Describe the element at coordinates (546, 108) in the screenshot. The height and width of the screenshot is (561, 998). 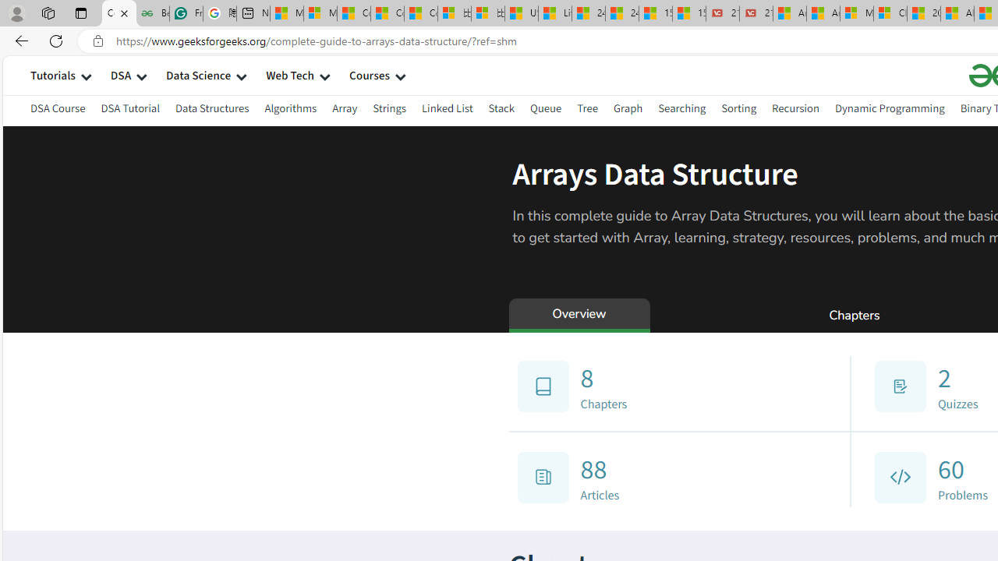
I see `'Queue'` at that location.